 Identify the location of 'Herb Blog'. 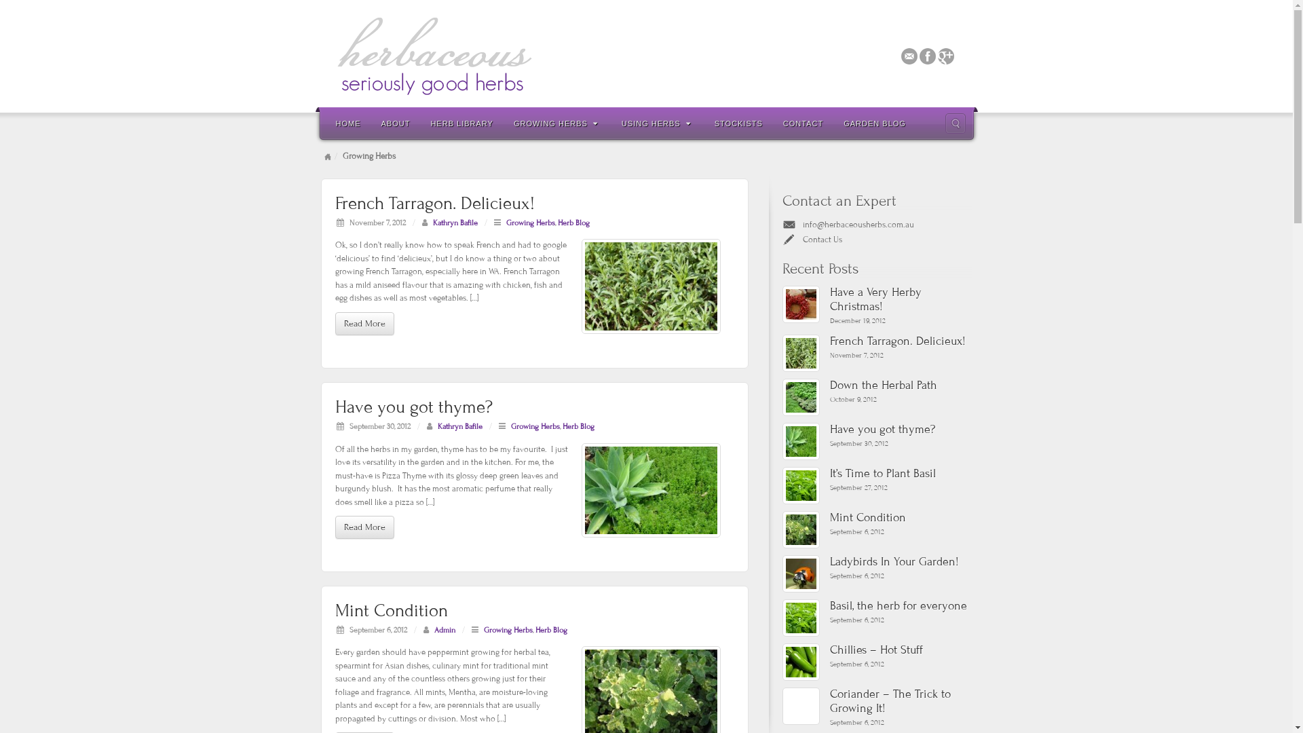
(550, 630).